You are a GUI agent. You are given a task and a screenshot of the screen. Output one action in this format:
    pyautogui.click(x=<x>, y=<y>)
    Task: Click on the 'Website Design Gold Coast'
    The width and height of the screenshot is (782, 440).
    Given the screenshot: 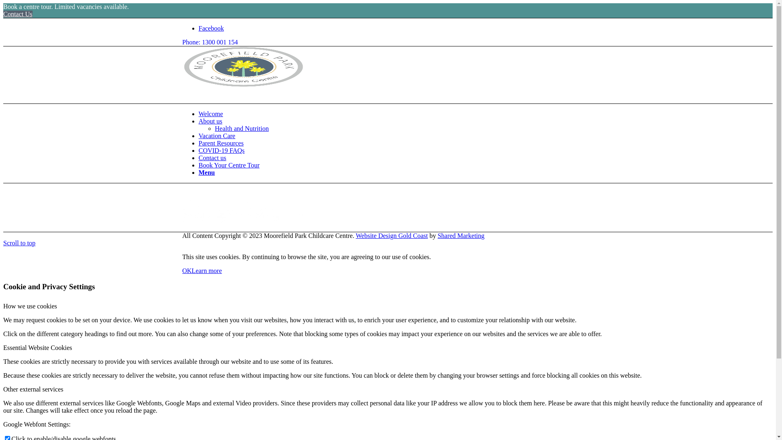 What is the action you would take?
    pyautogui.click(x=392, y=235)
    